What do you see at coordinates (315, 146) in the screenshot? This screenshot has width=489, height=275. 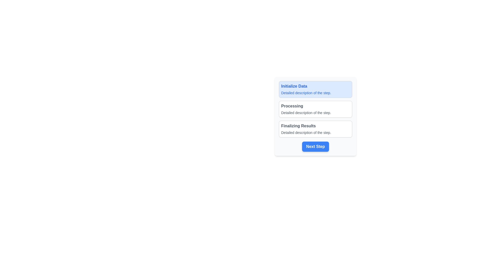 I see `the blue 'Next Step' button with bold white text` at bounding box center [315, 146].